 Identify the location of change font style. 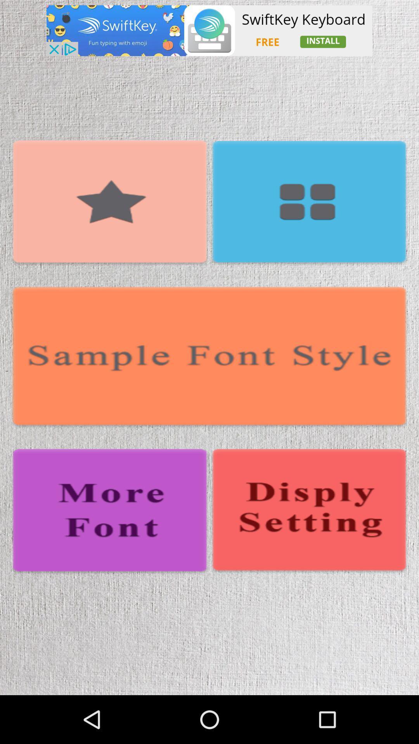
(110, 512).